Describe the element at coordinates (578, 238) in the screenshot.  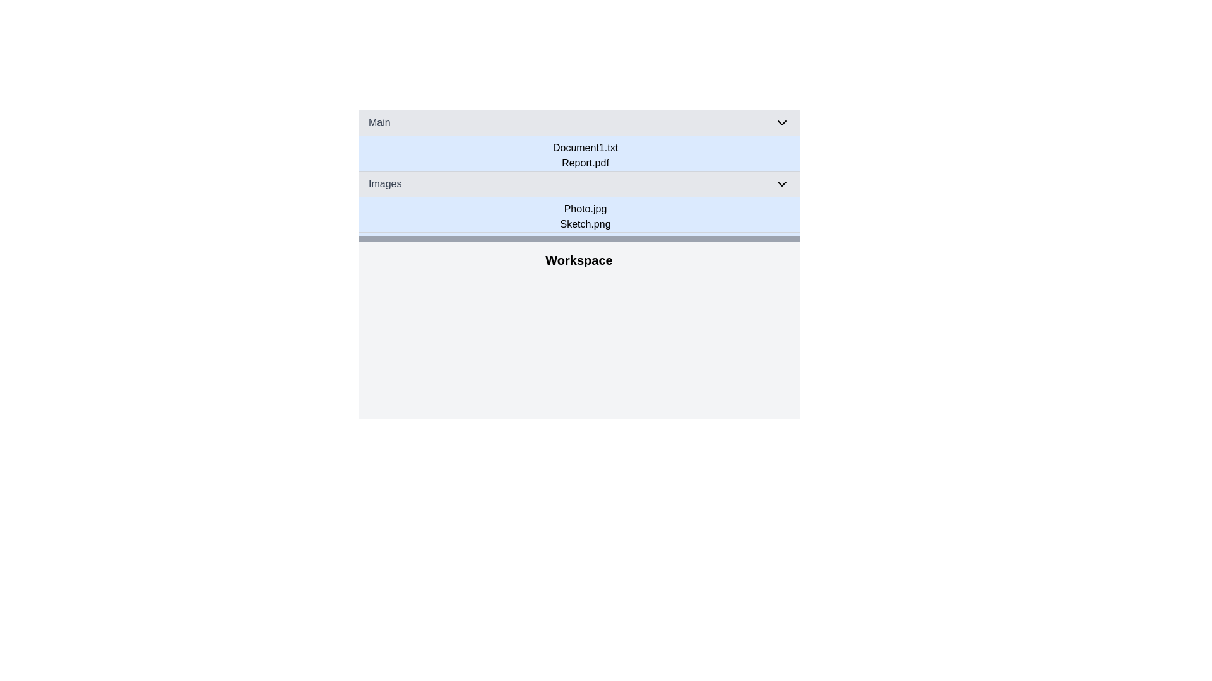
I see `the horizontal gray Resize handle located below the 'Images' section and above the 'Workspace' section` at that location.